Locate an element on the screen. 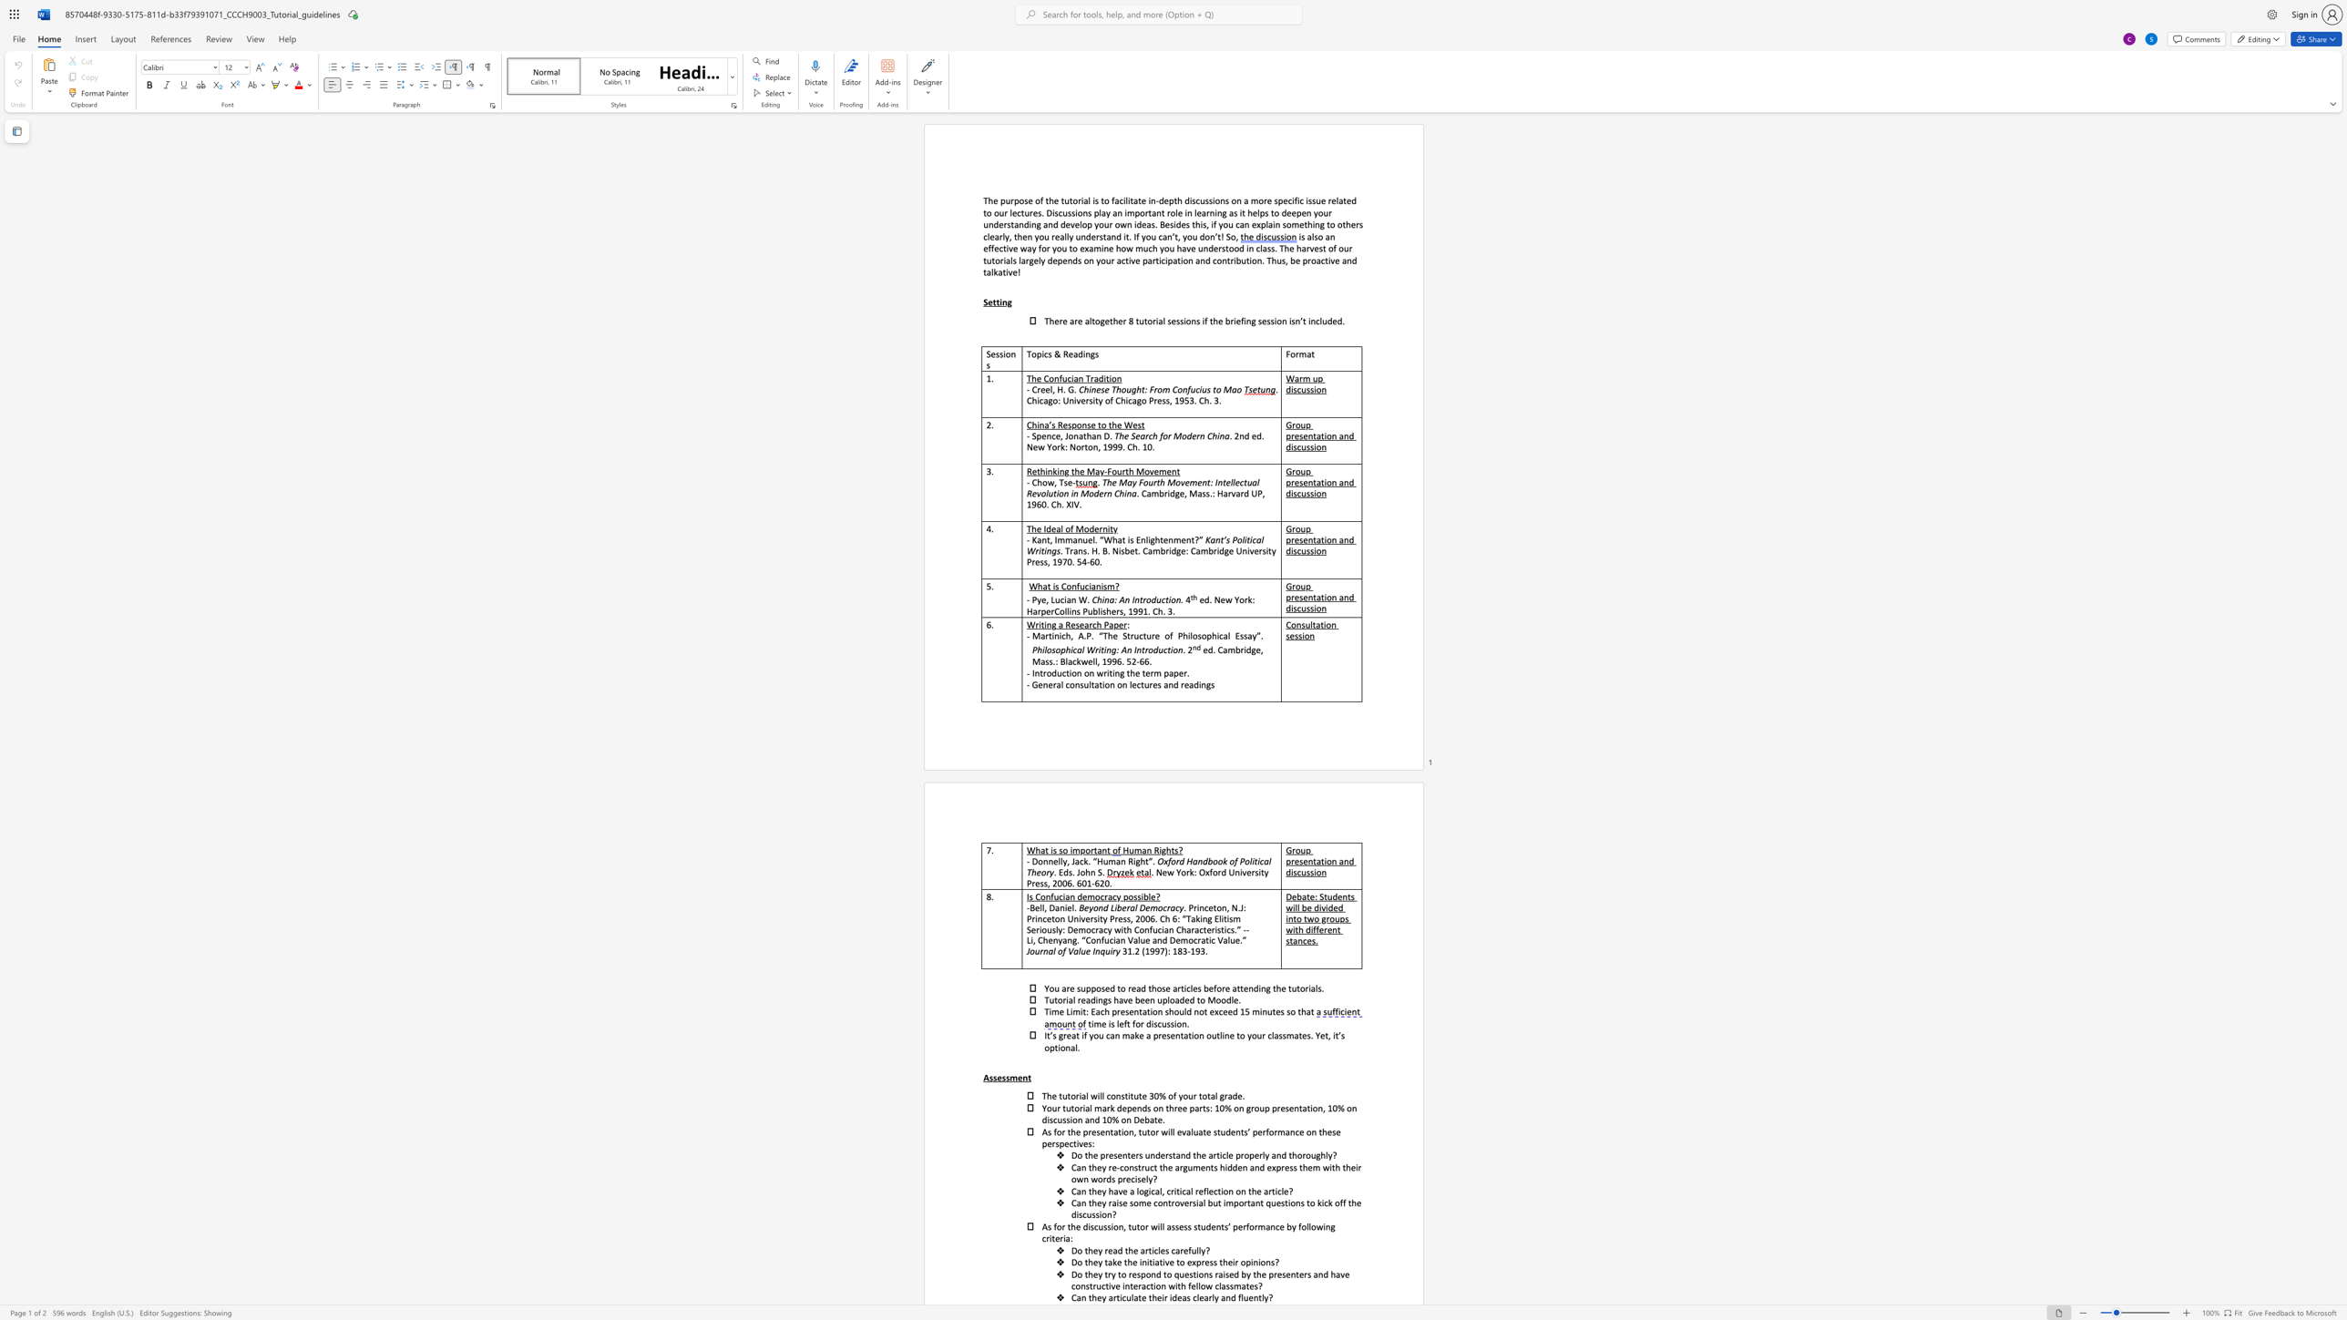 This screenshot has width=2347, height=1320. the subset text "ughly?" within the text "Do the presenters understand the article properly and thoroughly?" is located at coordinates (1311, 1155).